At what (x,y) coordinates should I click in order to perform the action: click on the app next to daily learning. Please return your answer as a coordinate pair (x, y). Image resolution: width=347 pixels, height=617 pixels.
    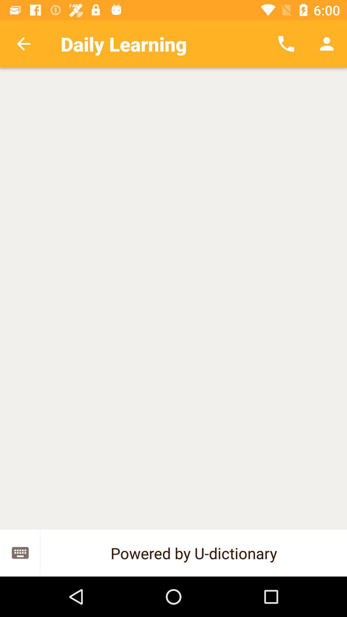
    Looking at the image, I should click on (23, 43).